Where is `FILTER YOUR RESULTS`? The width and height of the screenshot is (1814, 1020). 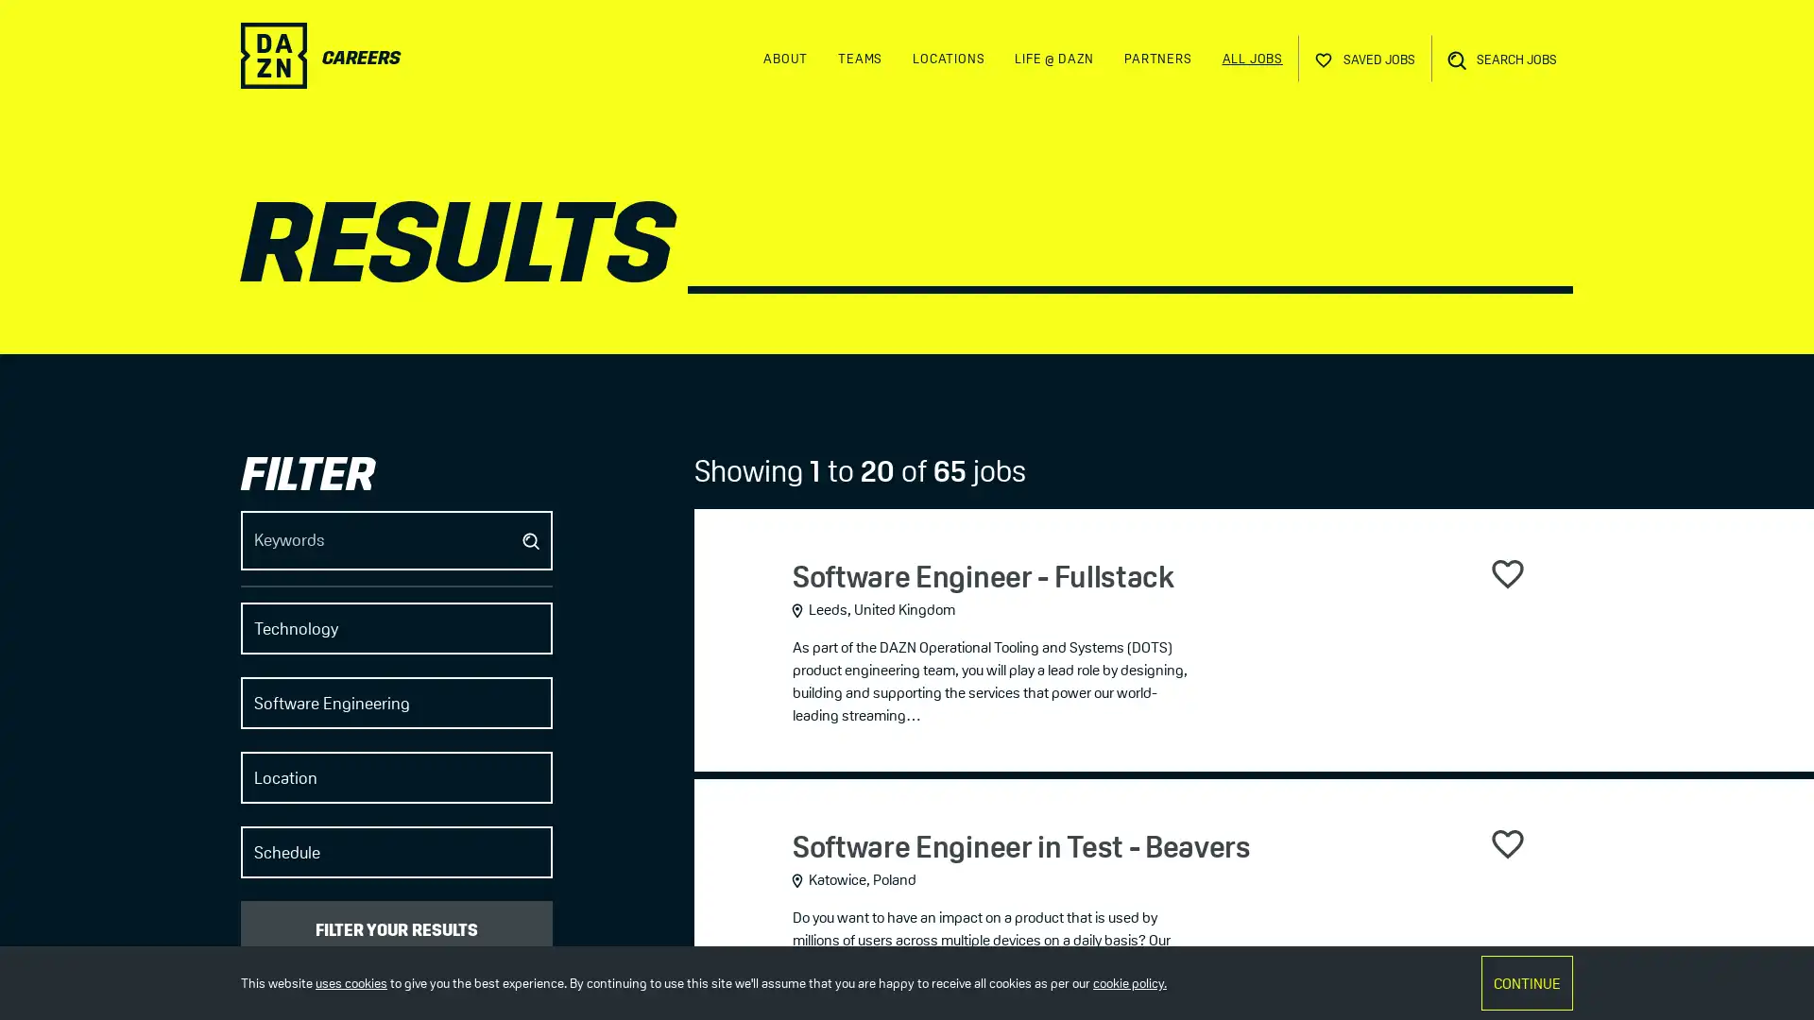 FILTER YOUR RESULTS is located at coordinates (396, 927).